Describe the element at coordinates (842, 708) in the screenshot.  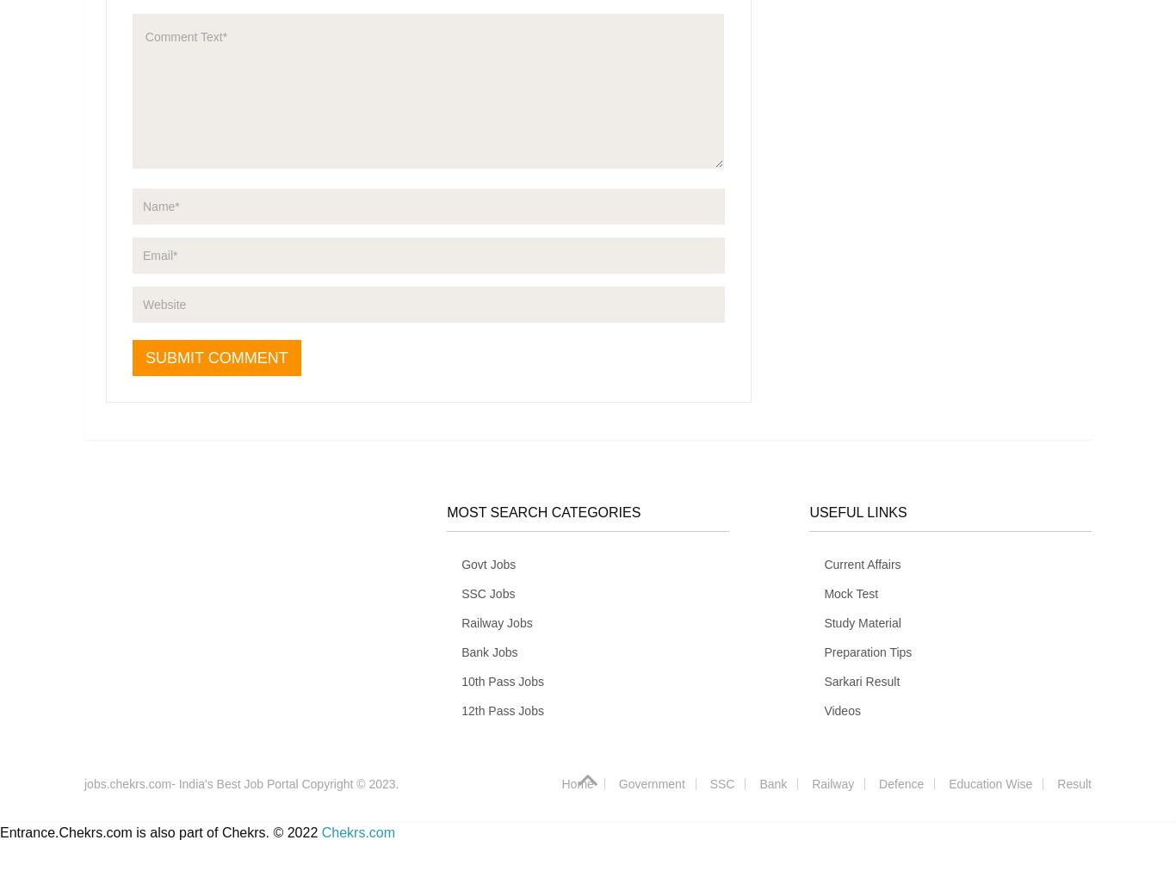
I see `'Videos'` at that location.